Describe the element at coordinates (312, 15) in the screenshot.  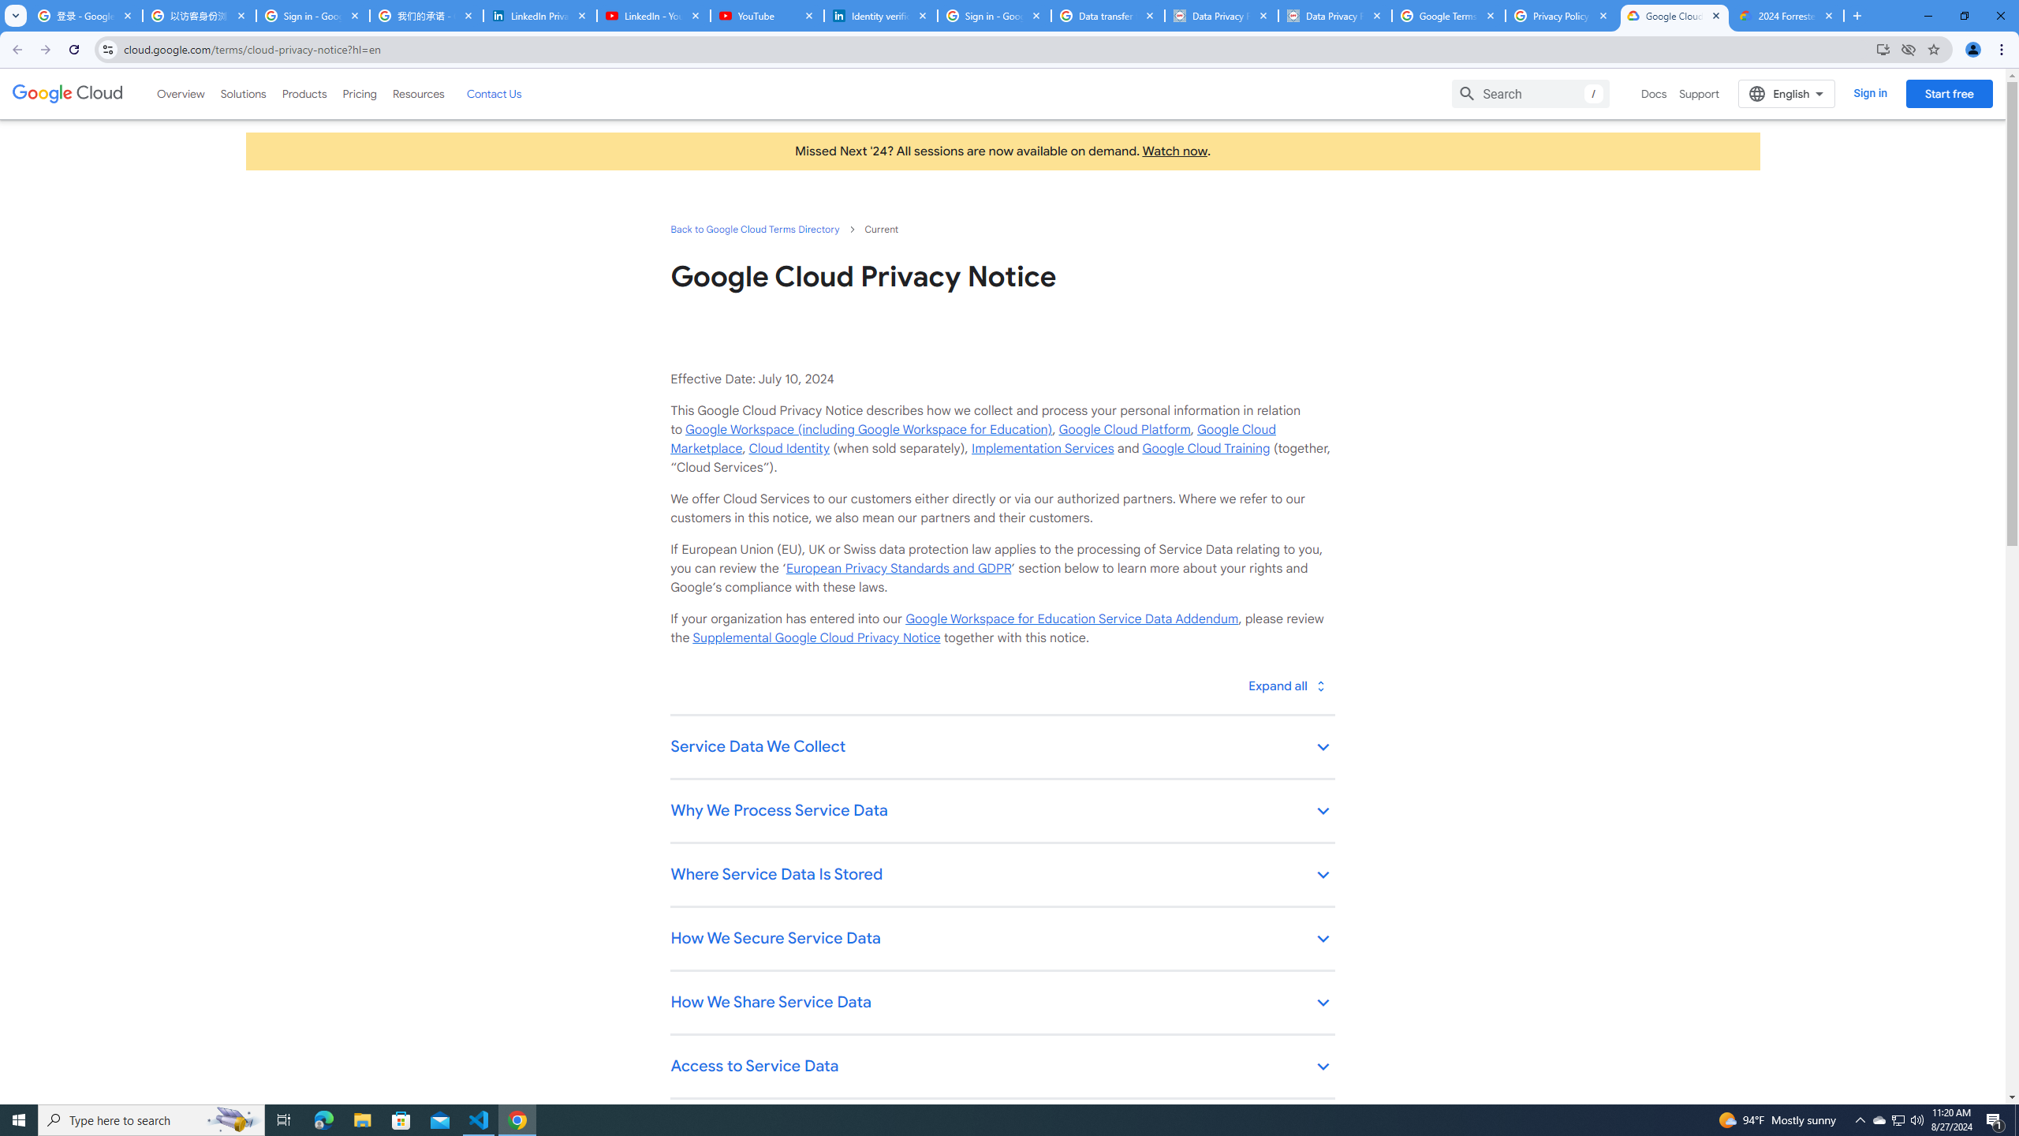
I see `'Sign in - Google Accounts'` at that location.